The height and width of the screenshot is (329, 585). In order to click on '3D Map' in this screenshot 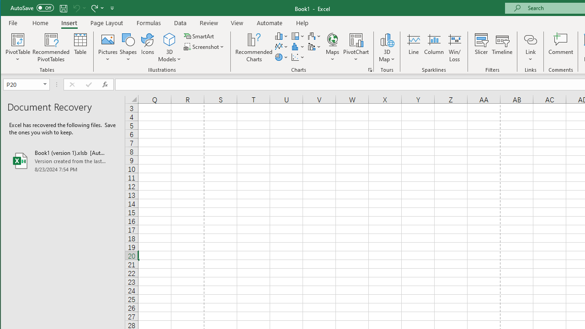, I will do `click(387, 39)`.